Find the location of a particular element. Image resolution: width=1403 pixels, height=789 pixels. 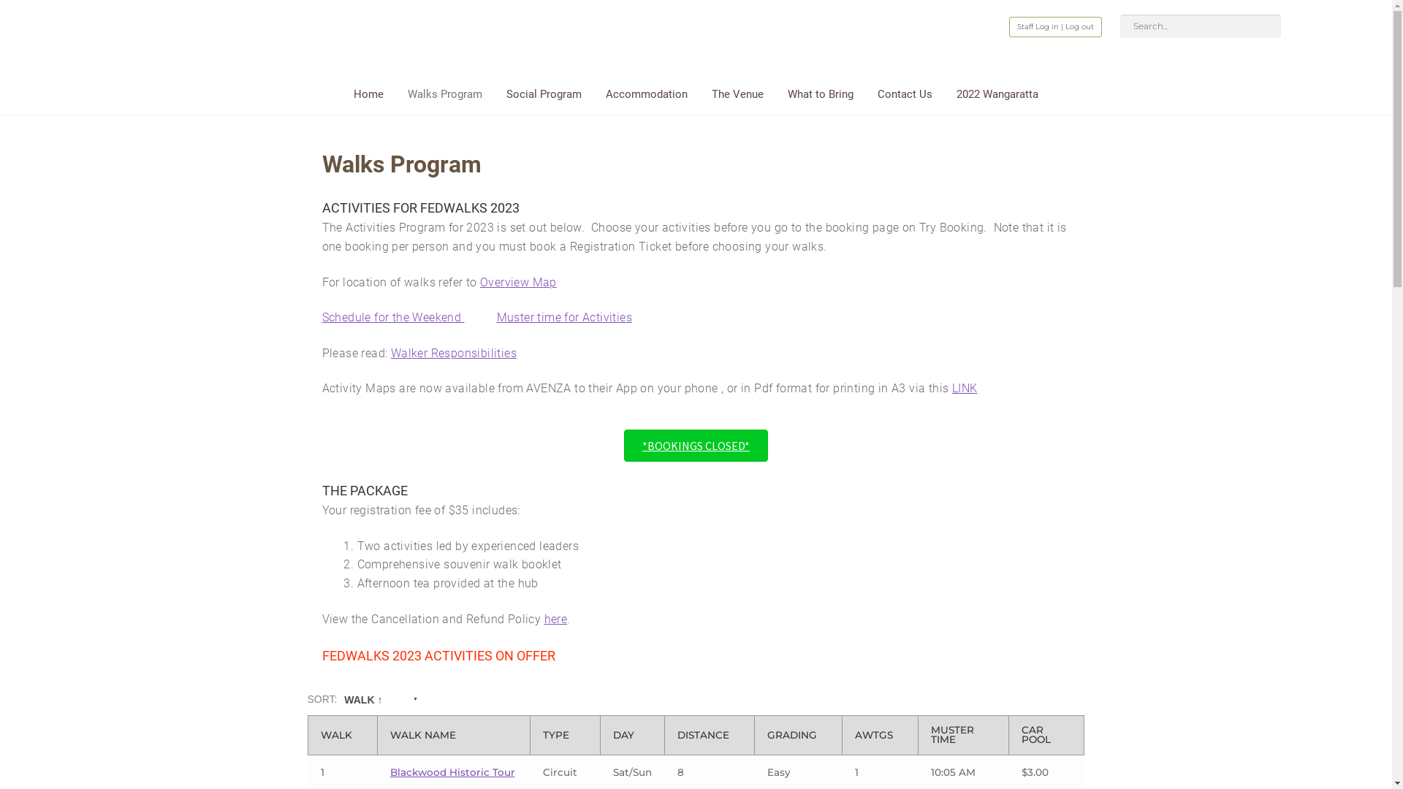

'Staff Log in | Log out' is located at coordinates (1055, 27).